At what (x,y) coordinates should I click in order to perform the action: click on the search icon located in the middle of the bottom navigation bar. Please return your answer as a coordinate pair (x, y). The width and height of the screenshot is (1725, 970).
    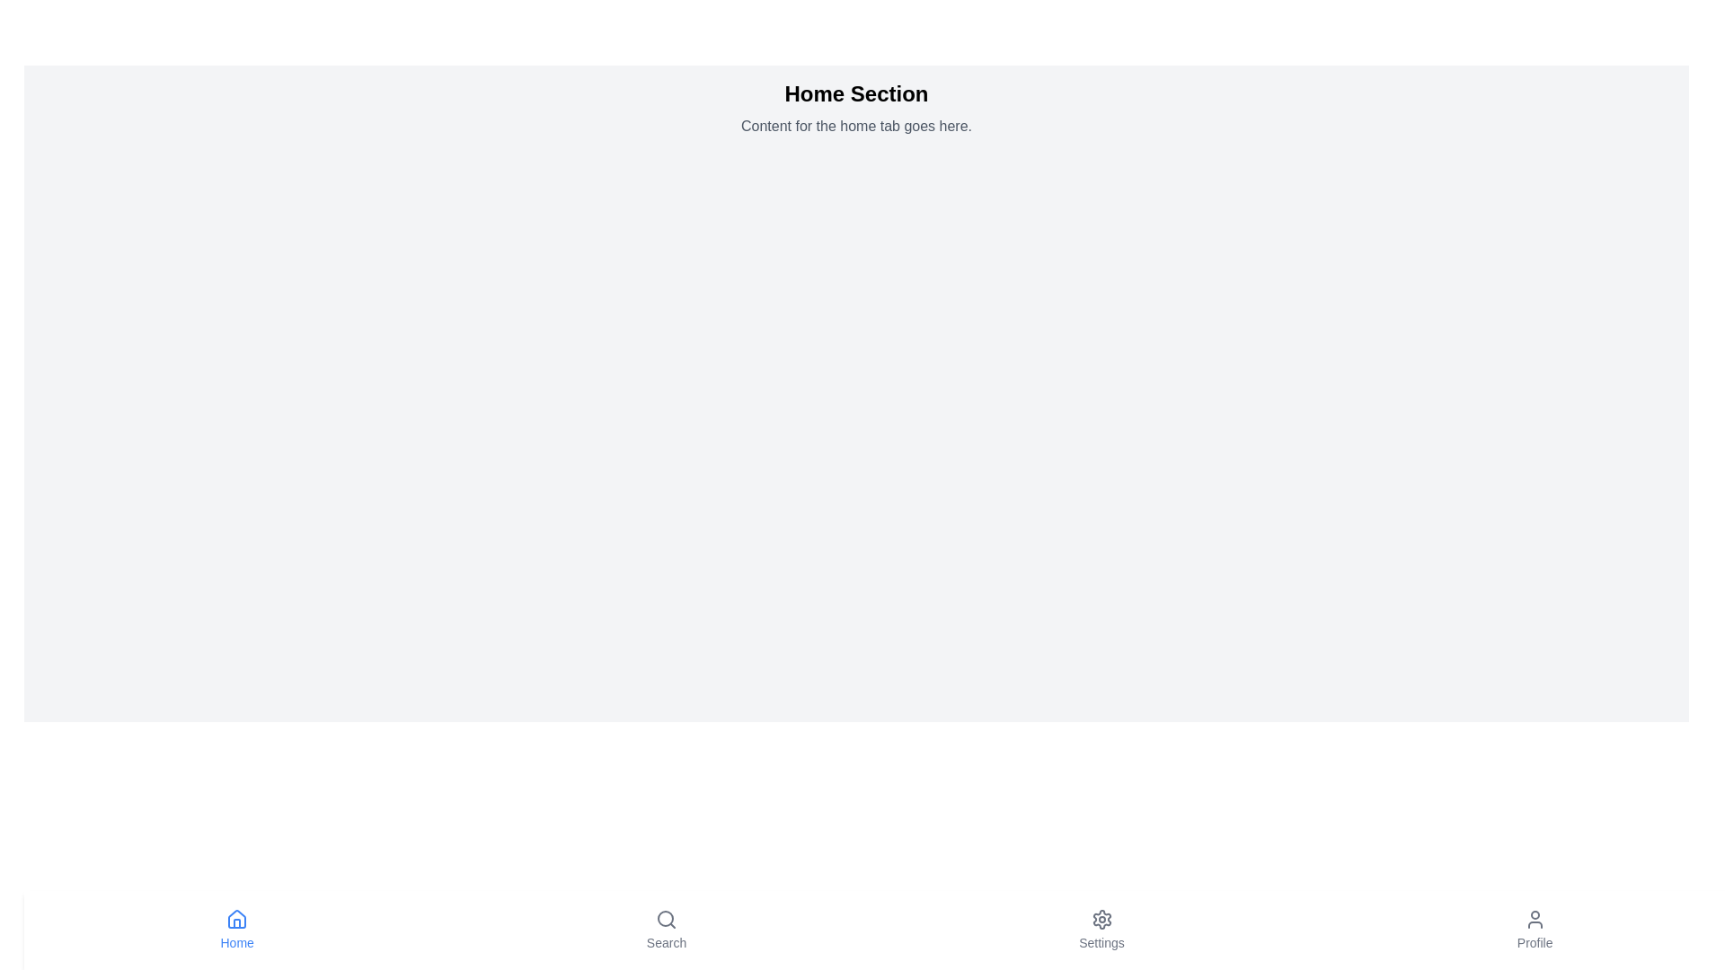
    Looking at the image, I should click on (666, 919).